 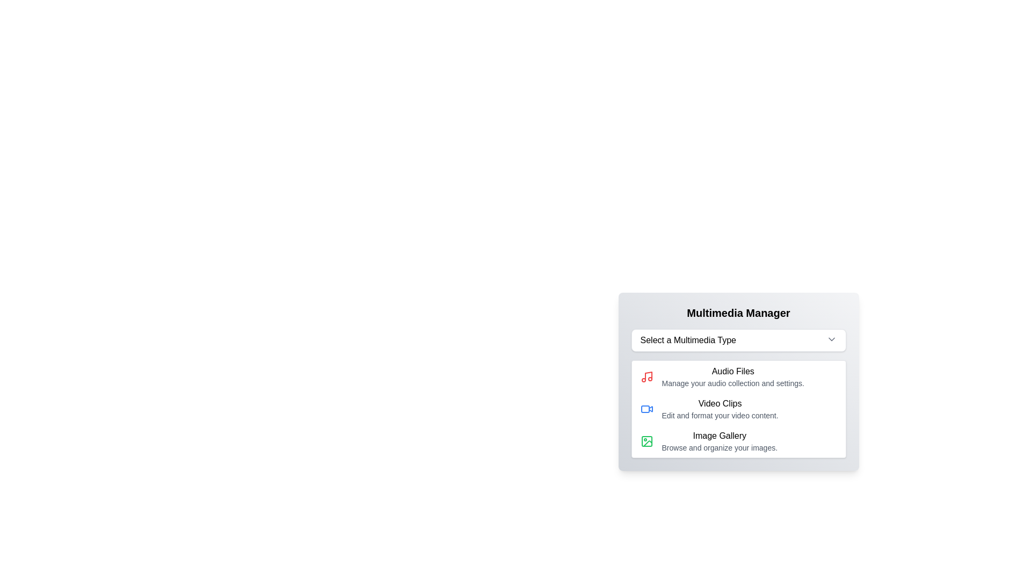 I want to click on the 'Video Clips' button in the Multimedia Manager panel, which features a blue video camera icon and a bolded headline 'Video Clips', so click(x=738, y=409).